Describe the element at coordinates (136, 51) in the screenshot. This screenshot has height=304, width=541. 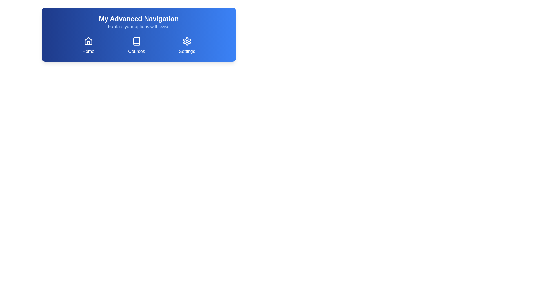
I see `the navigational label indicating a link to 'Courses' located in the blue navigation bar, positioned centrally below the book icon and above the 'Settings' text` at that location.